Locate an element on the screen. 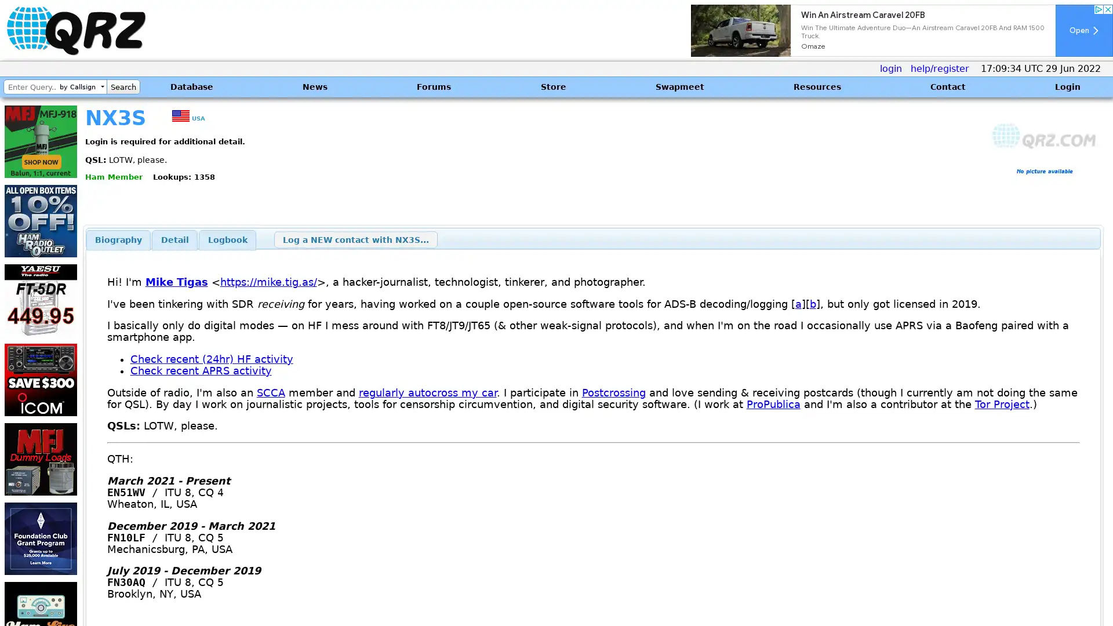 Image resolution: width=1113 pixels, height=626 pixels. Search is located at coordinates (123, 86).